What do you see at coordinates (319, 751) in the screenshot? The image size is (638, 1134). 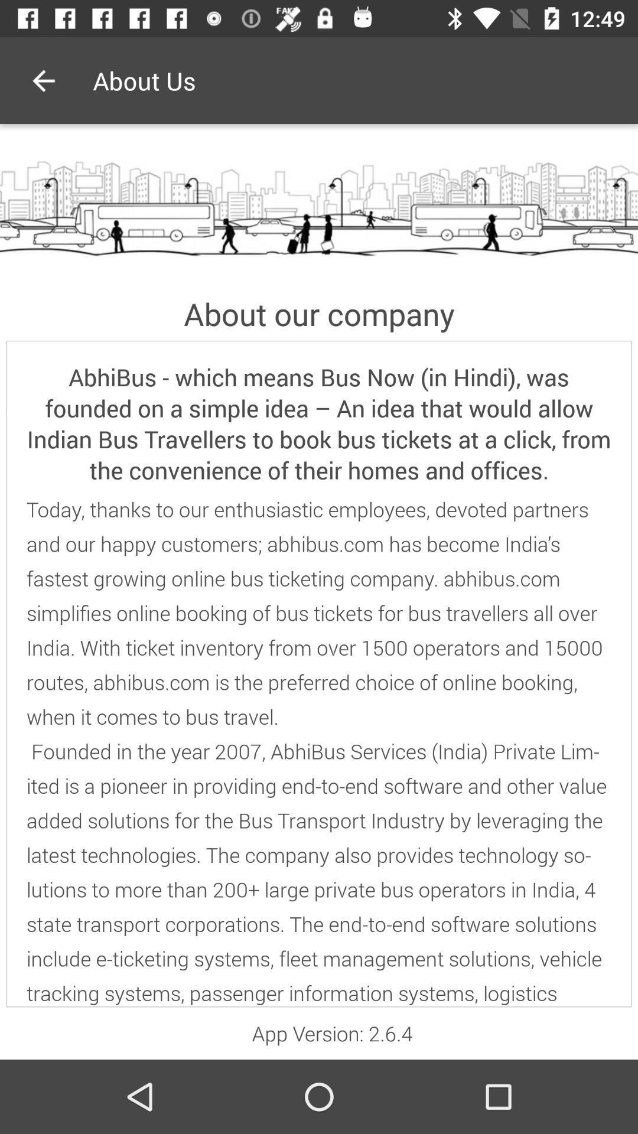 I see `today thanks to icon` at bounding box center [319, 751].